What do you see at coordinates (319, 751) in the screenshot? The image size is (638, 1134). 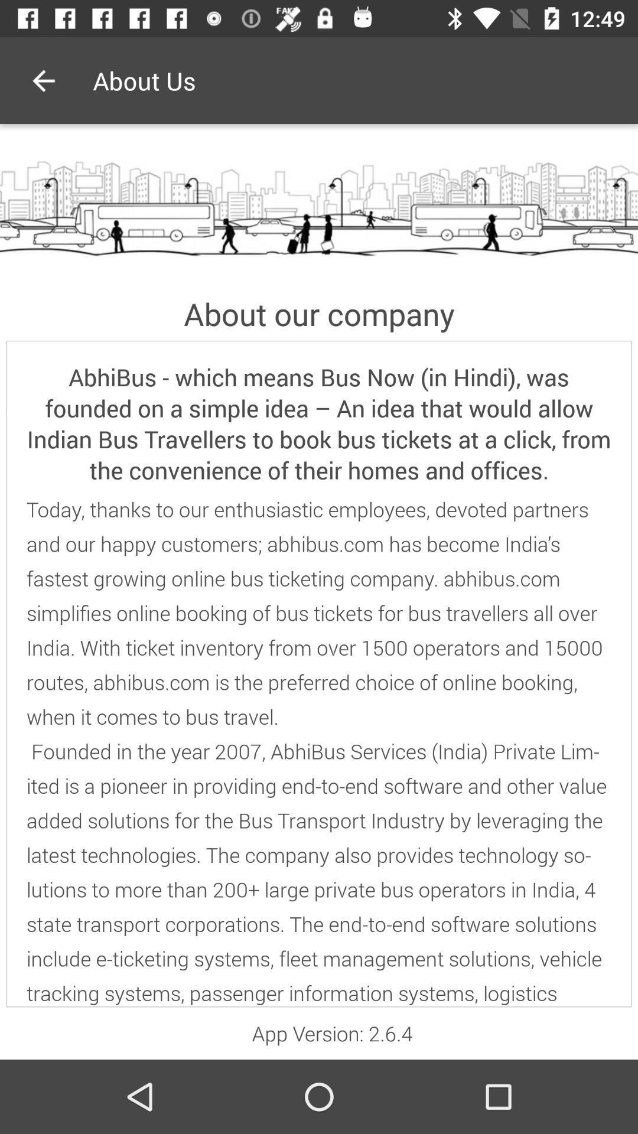 I see `today thanks to icon` at bounding box center [319, 751].